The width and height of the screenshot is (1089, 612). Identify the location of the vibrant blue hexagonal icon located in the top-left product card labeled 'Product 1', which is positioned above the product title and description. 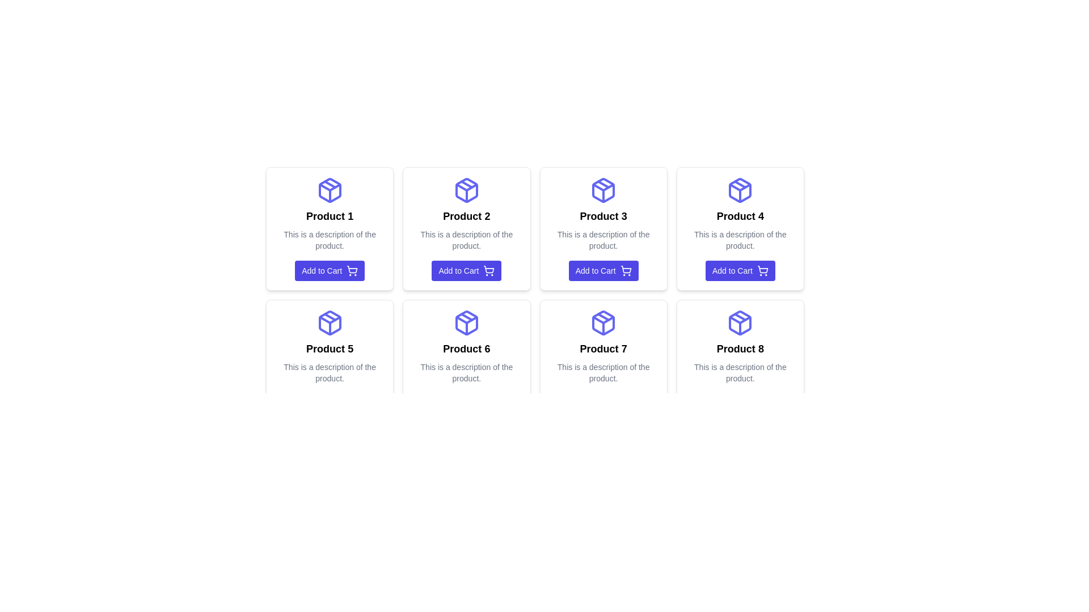
(329, 189).